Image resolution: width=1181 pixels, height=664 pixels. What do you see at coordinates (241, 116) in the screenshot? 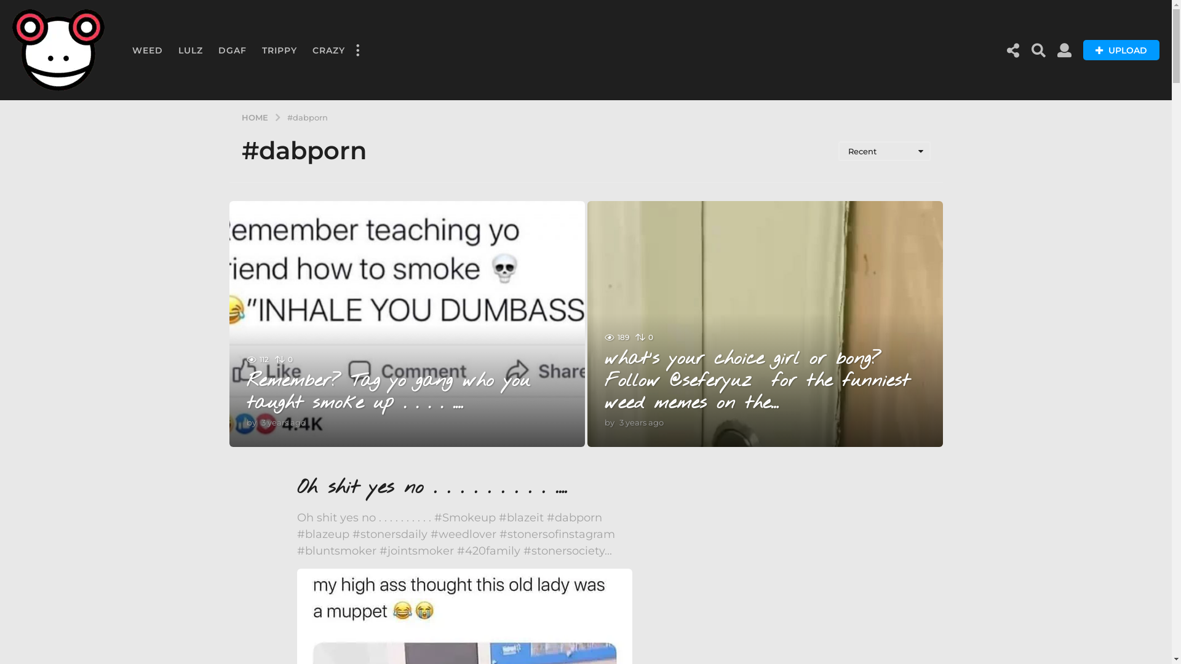
I see `'HOME'` at bounding box center [241, 116].